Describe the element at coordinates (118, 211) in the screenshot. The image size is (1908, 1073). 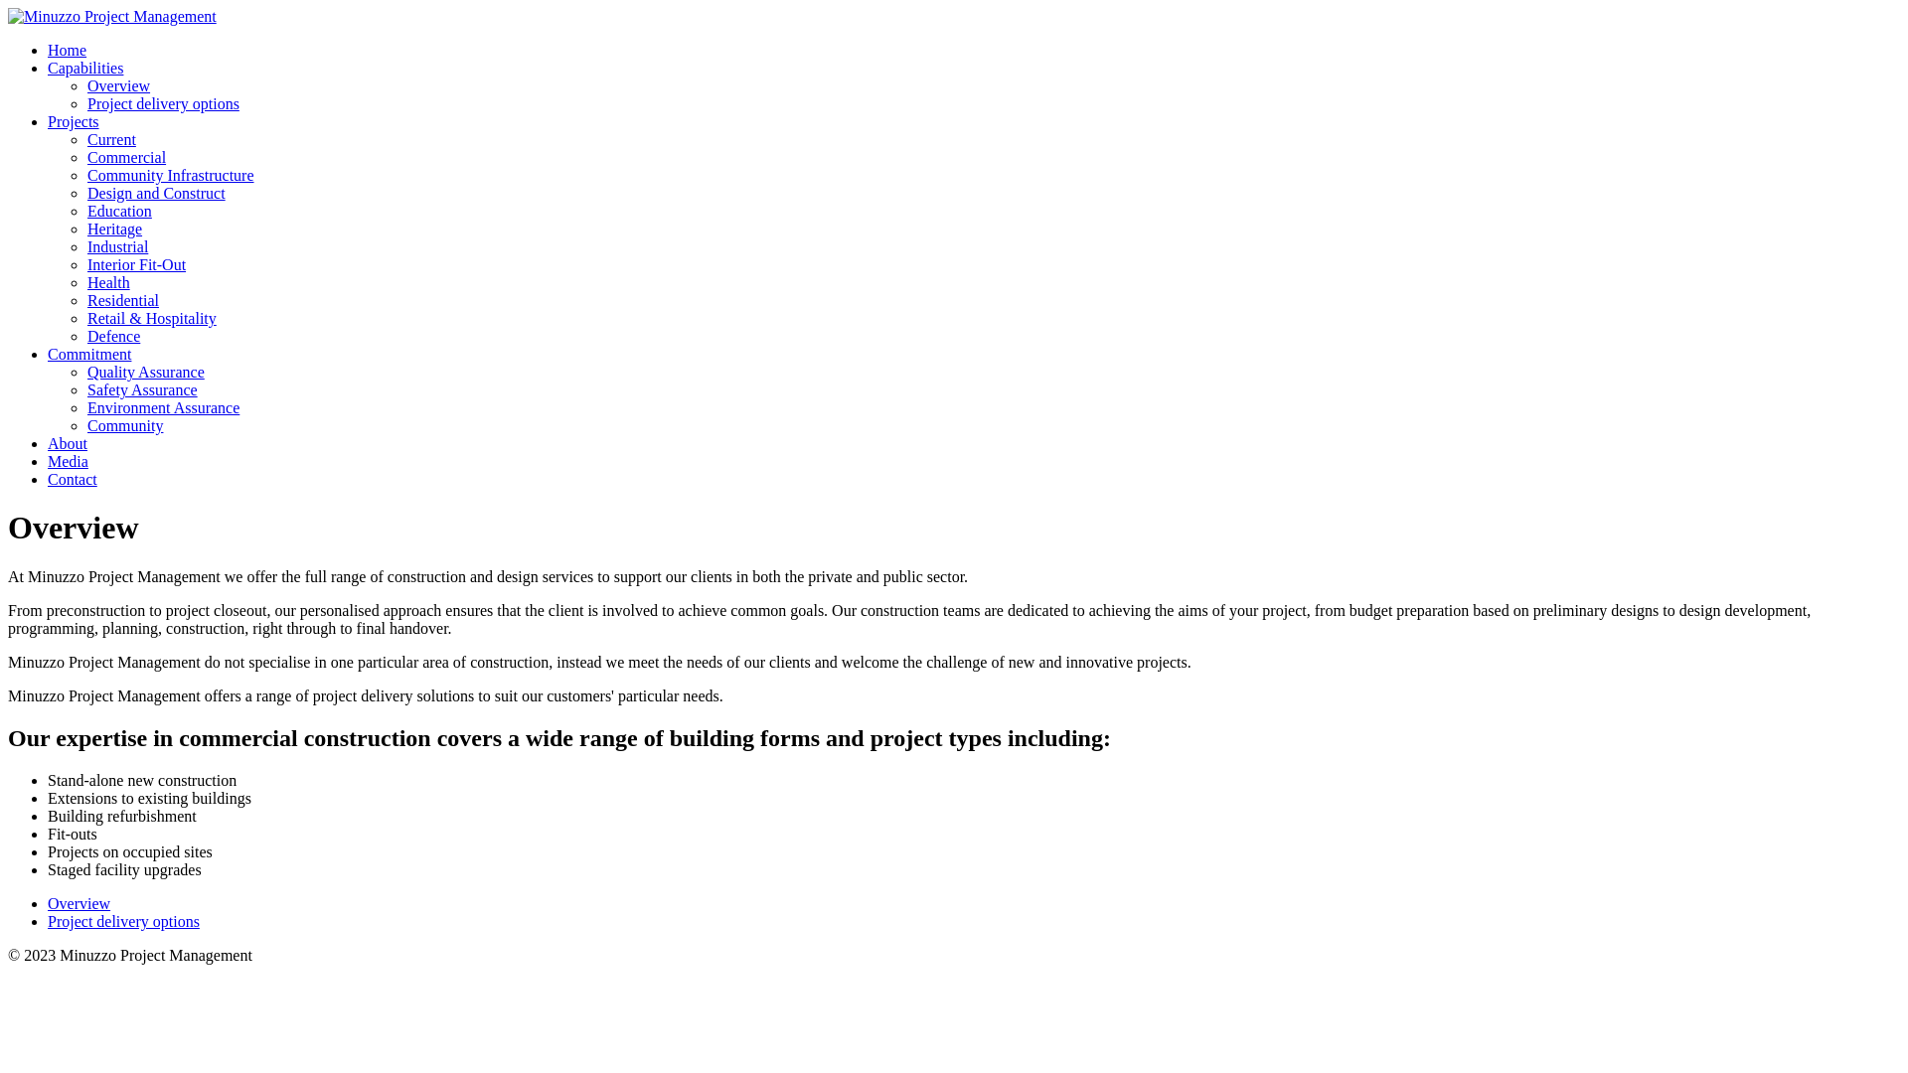
I see `'Education'` at that location.